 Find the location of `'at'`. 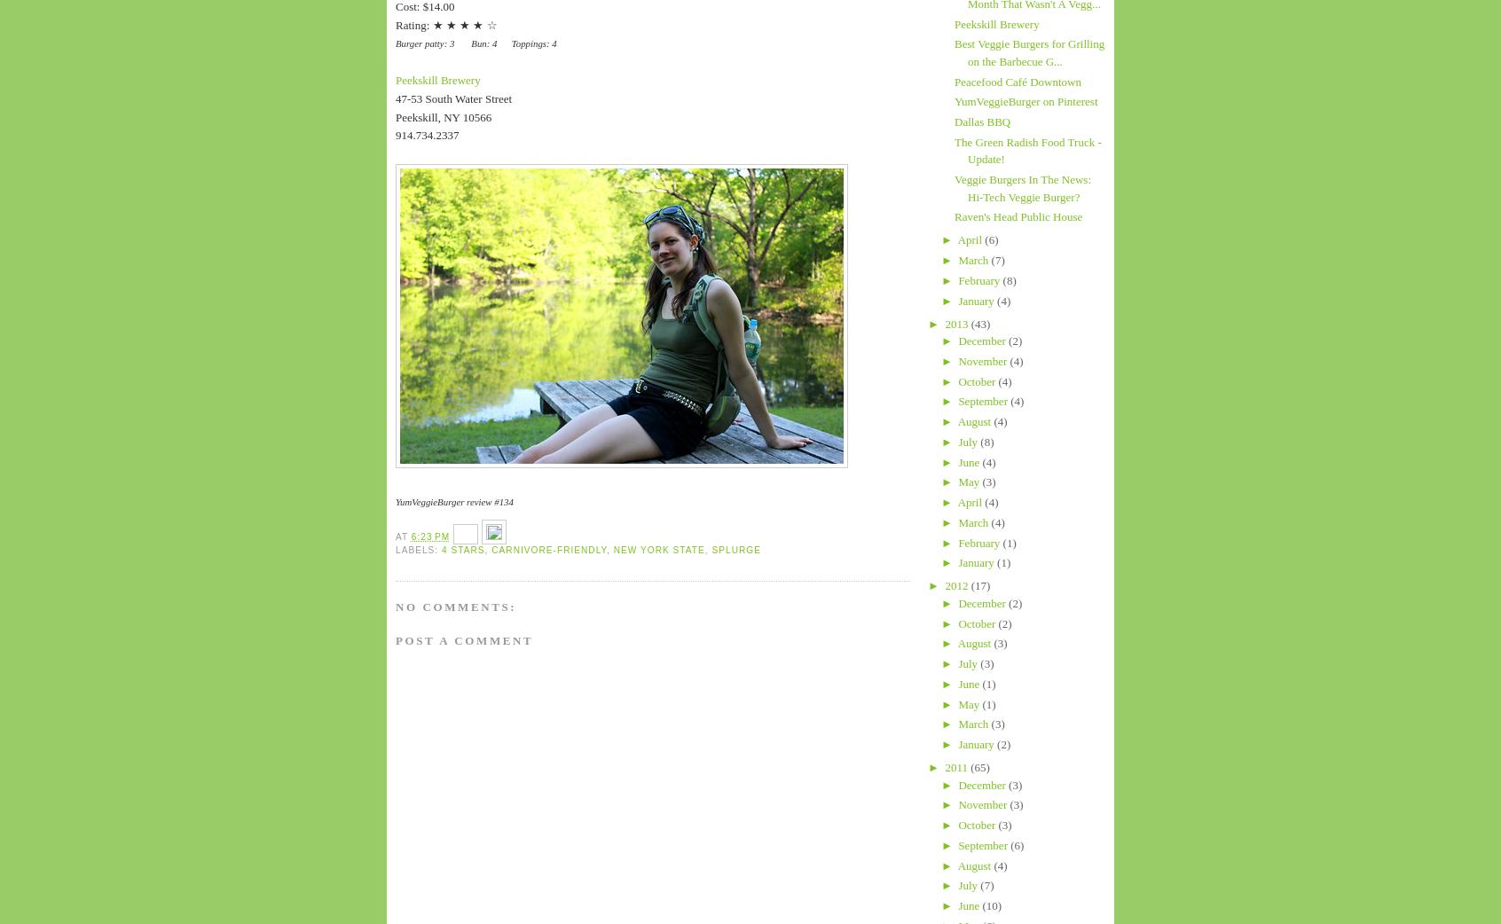

'at' is located at coordinates (395, 536).